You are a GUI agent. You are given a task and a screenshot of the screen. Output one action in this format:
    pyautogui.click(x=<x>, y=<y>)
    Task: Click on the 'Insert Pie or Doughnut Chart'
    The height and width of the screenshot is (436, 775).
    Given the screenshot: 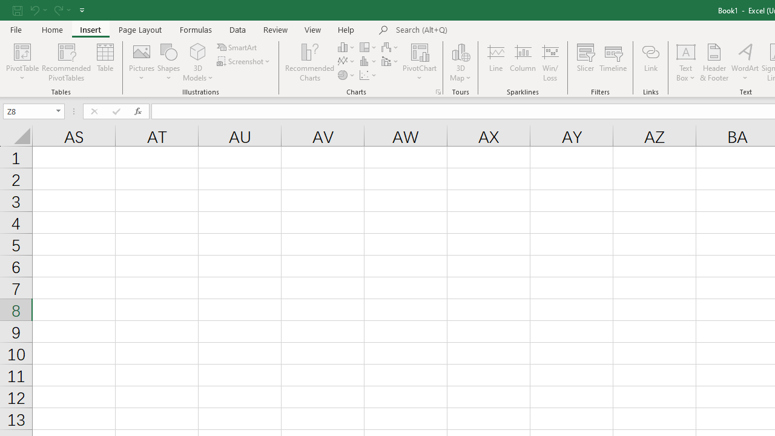 What is the action you would take?
    pyautogui.click(x=346, y=75)
    